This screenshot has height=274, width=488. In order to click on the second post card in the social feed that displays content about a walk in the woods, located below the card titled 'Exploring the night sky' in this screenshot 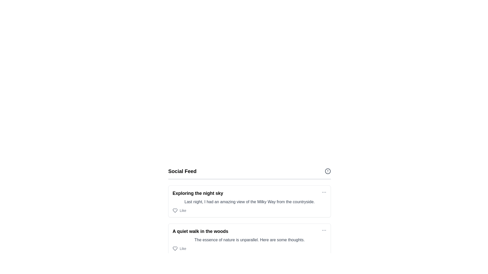, I will do `click(250, 239)`.